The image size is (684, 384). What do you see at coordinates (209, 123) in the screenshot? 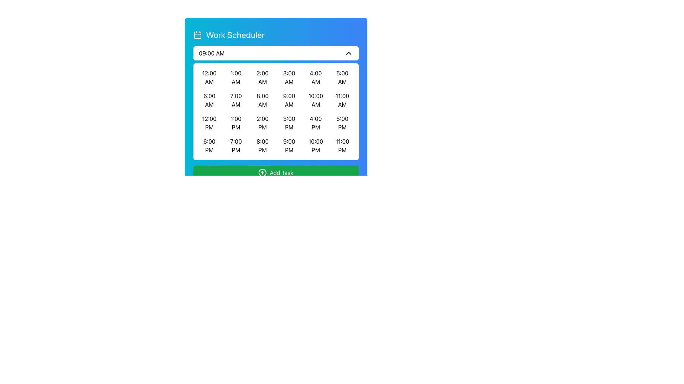
I see `the button displaying '12:00 PM'` at bounding box center [209, 123].